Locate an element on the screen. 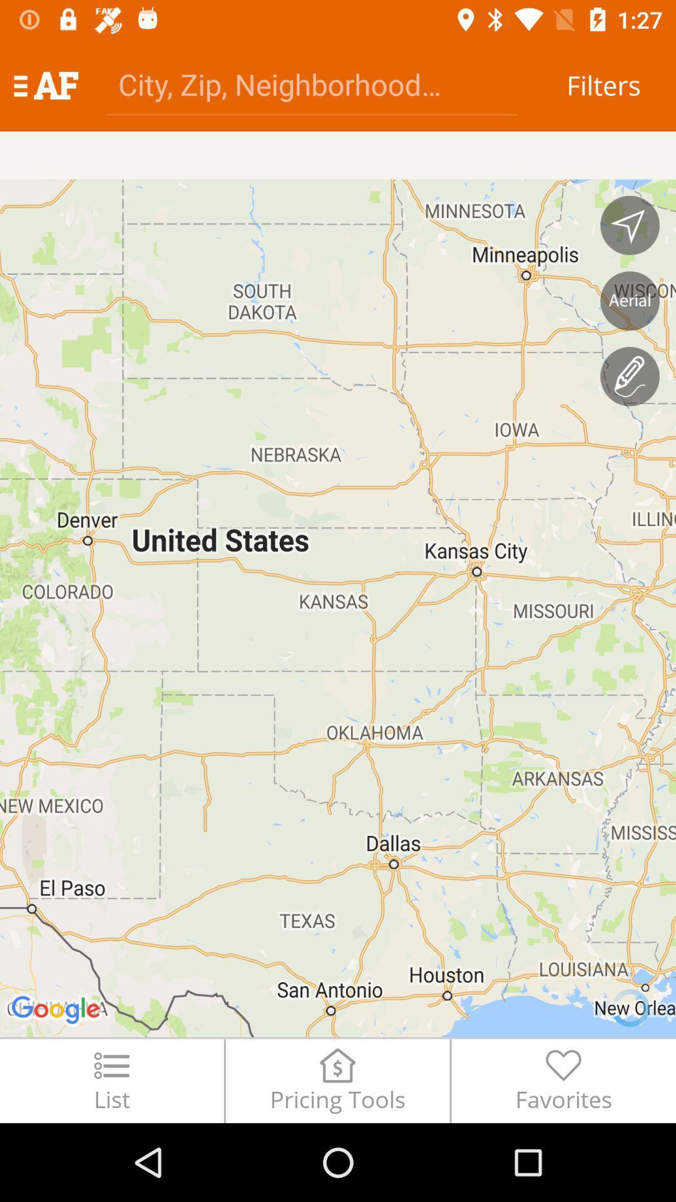  the list is located at coordinates (111, 1080).